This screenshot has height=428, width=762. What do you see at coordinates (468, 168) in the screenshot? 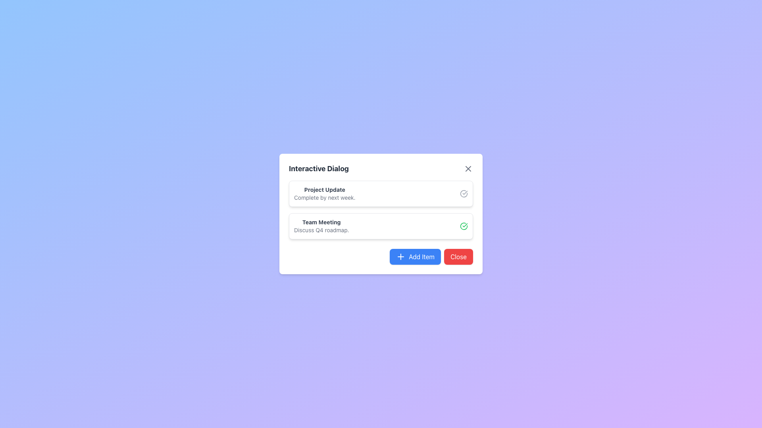
I see `the close button located in the top right corner of the 'Interactive Dialog' to dismiss the dialog box` at bounding box center [468, 168].